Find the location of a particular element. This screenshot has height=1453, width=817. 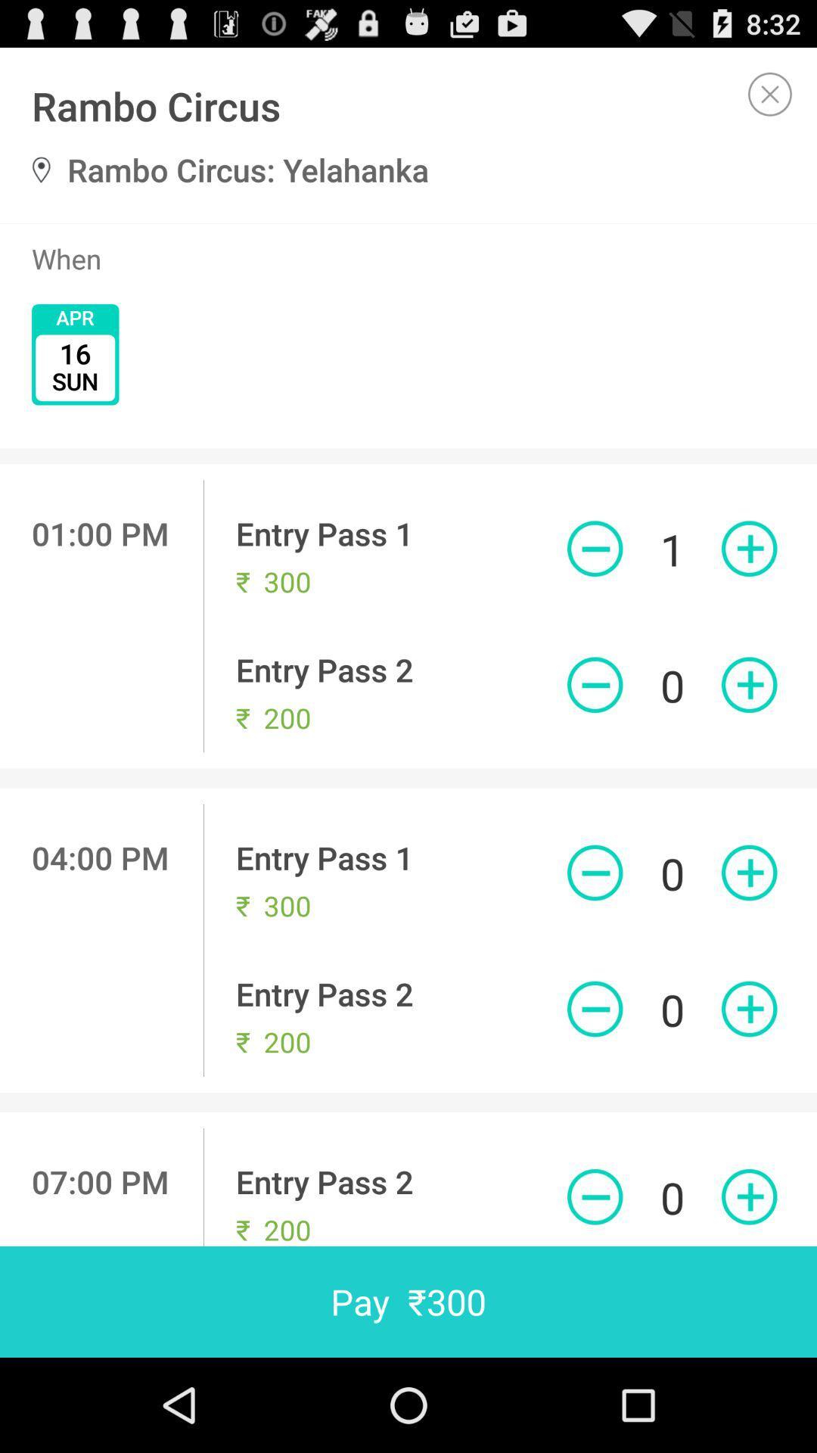

one is located at coordinates (749, 1196).